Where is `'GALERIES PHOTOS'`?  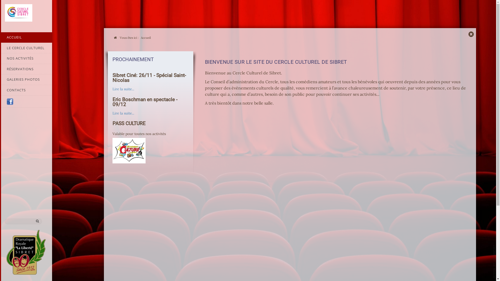 'GALERIES PHOTOS' is located at coordinates (26, 79).